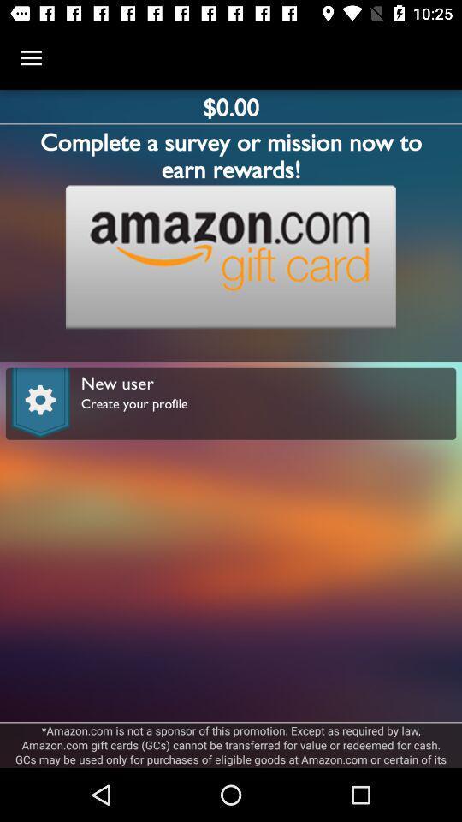 Image resolution: width=462 pixels, height=822 pixels. I want to click on app, so click(230, 256).